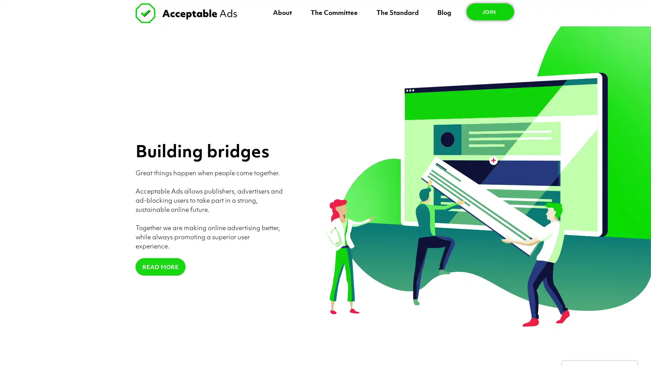  Describe the element at coordinates (160, 266) in the screenshot. I see `READ MORE` at that location.